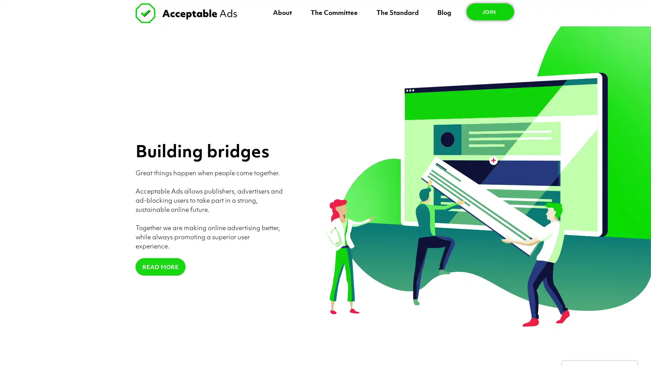  Describe the element at coordinates (160, 266) in the screenshot. I see `READ MORE` at that location.